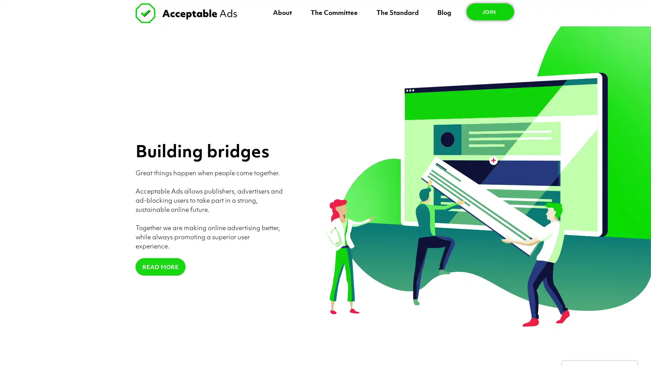  Describe the element at coordinates (160, 266) in the screenshot. I see `READ MORE` at that location.